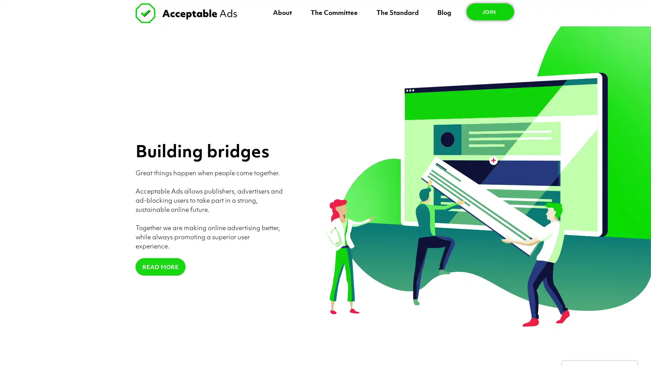  Describe the element at coordinates (160, 266) in the screenshot. I see `READ MORE` at that location.